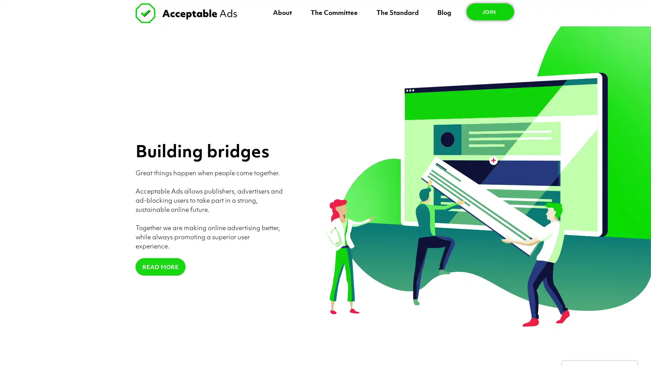  Describe the element at coordinates (160, 266) in the screenshot. I see `READ MORE` at that location.